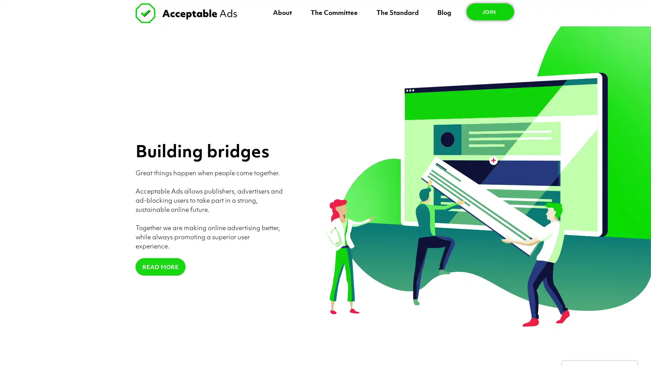  Describe the element at coordinates (160, 266) in the screenshot. I see `READ MORE` at that location.